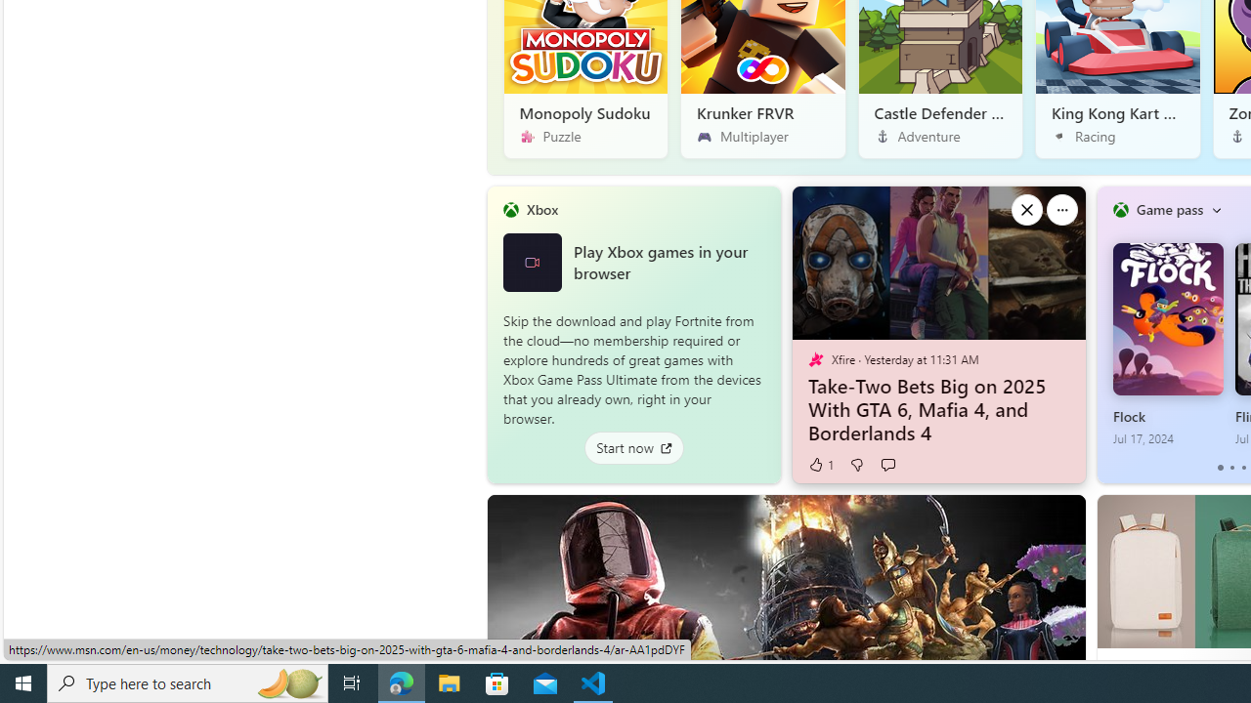 The height and width of the screenshot is (703, 1251). I want to click on 'Start now', so click(633, 447).